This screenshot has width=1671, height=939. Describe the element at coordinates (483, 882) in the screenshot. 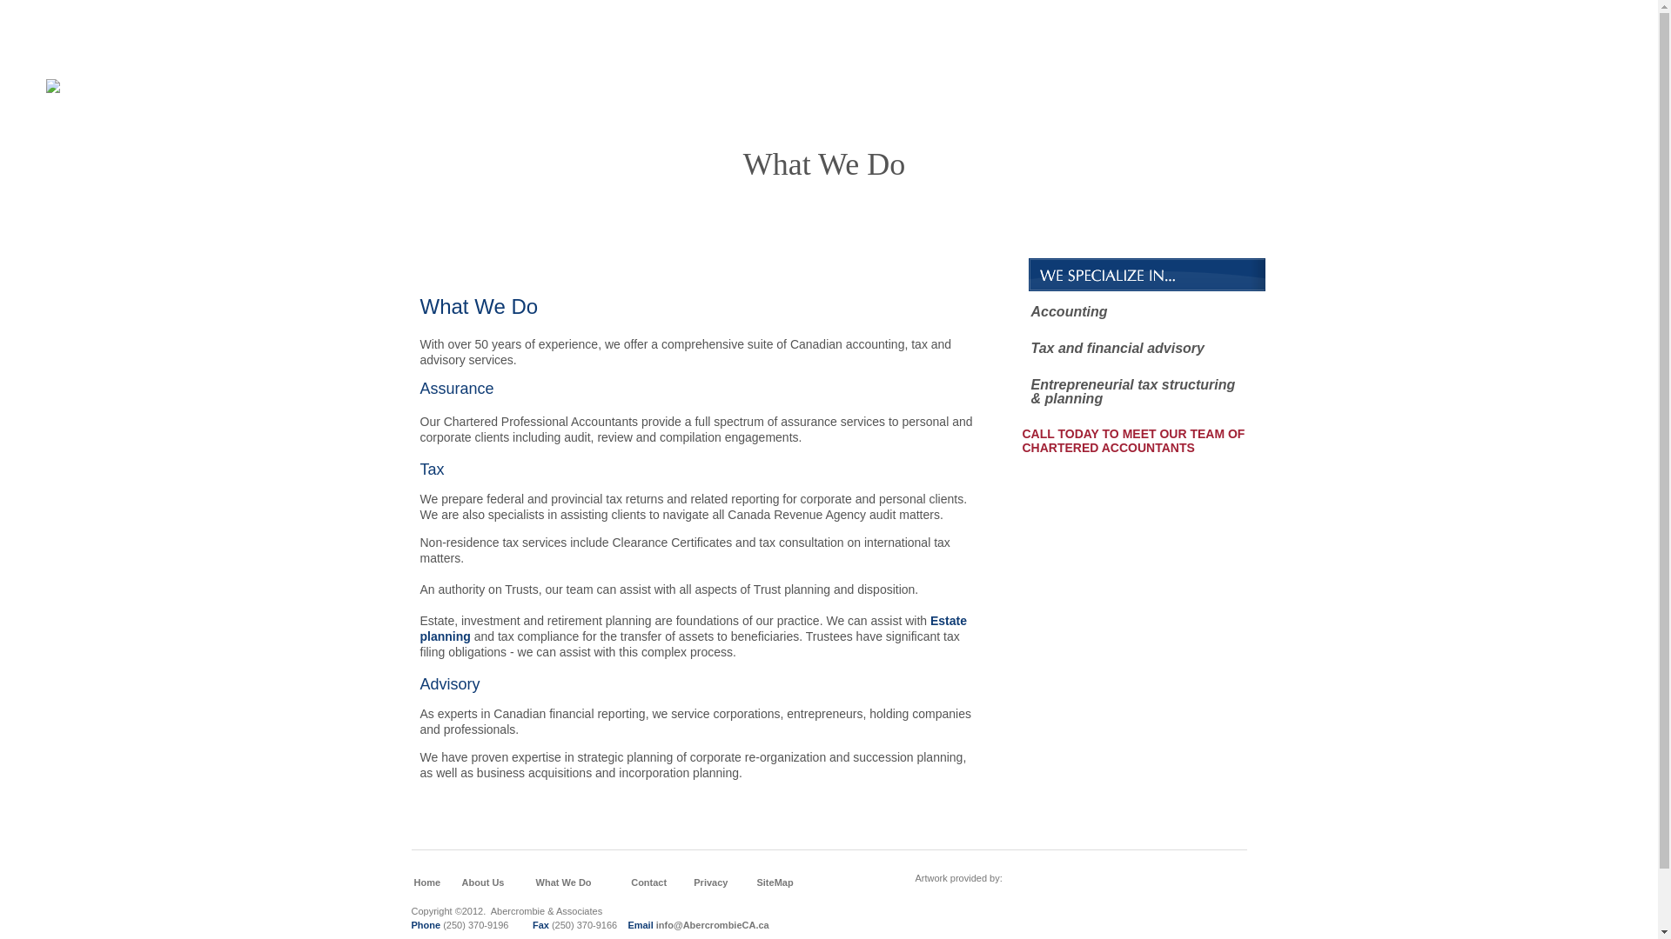

I see `'About Us'` at that location.